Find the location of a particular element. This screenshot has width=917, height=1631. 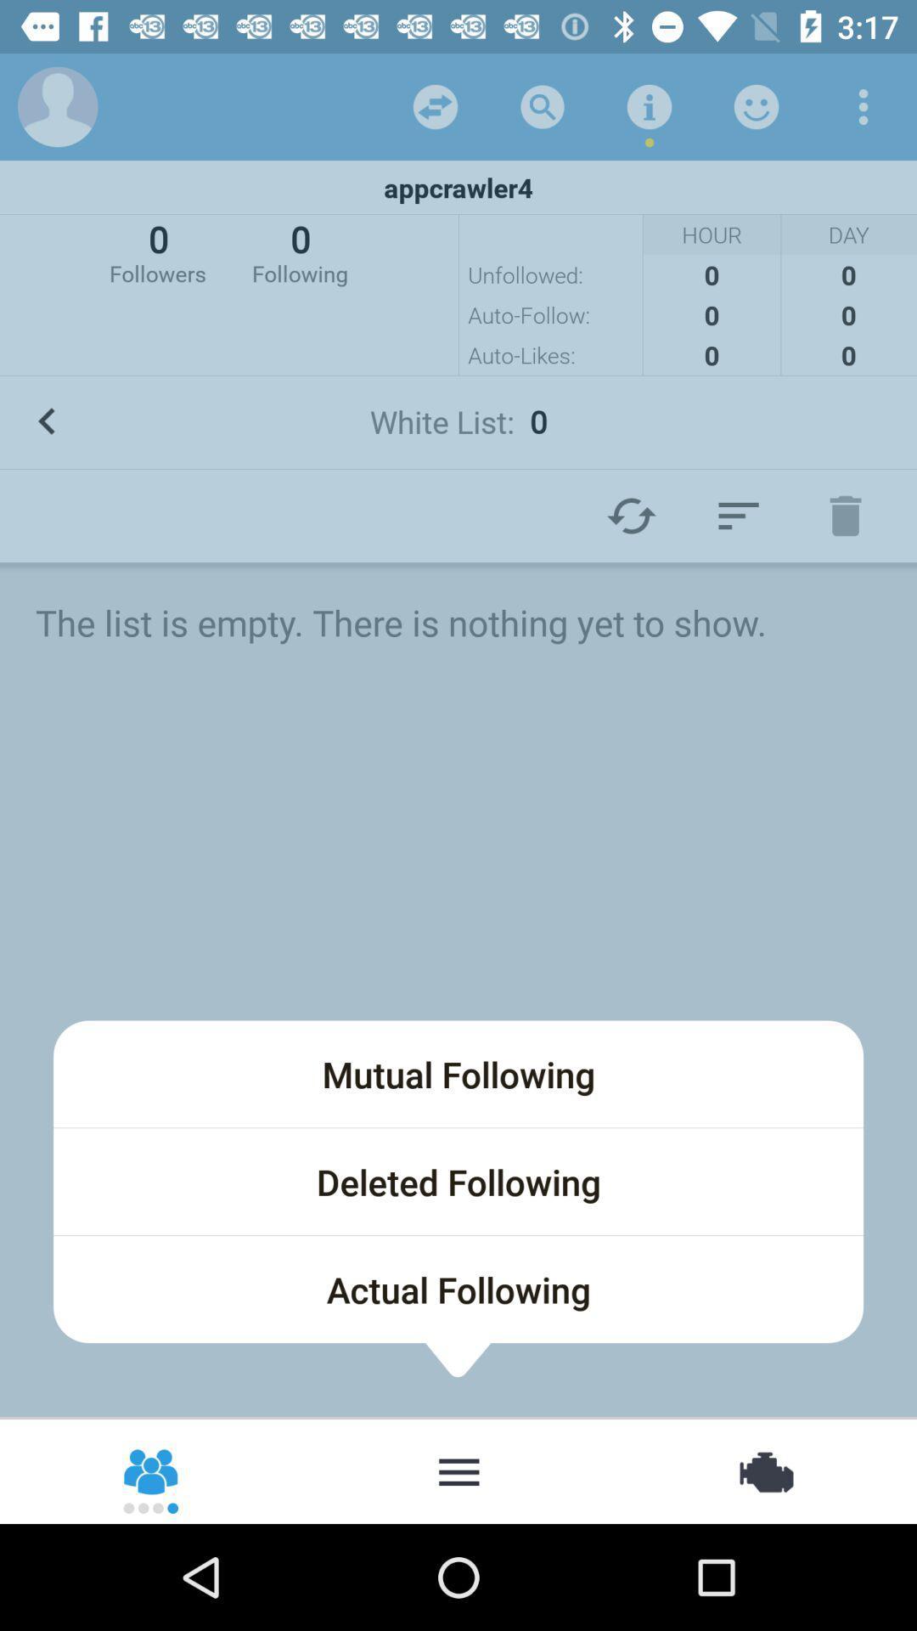

mutual following deleted following and actual following share with friends is located at coordinates (151, 1470).